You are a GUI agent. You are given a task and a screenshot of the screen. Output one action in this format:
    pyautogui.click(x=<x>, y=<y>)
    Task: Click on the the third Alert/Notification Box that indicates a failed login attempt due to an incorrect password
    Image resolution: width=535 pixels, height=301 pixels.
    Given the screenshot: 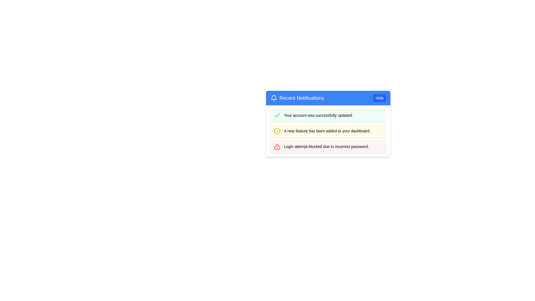 What is the action you would take?
    pyautogui.click(x=328, y=146)
    